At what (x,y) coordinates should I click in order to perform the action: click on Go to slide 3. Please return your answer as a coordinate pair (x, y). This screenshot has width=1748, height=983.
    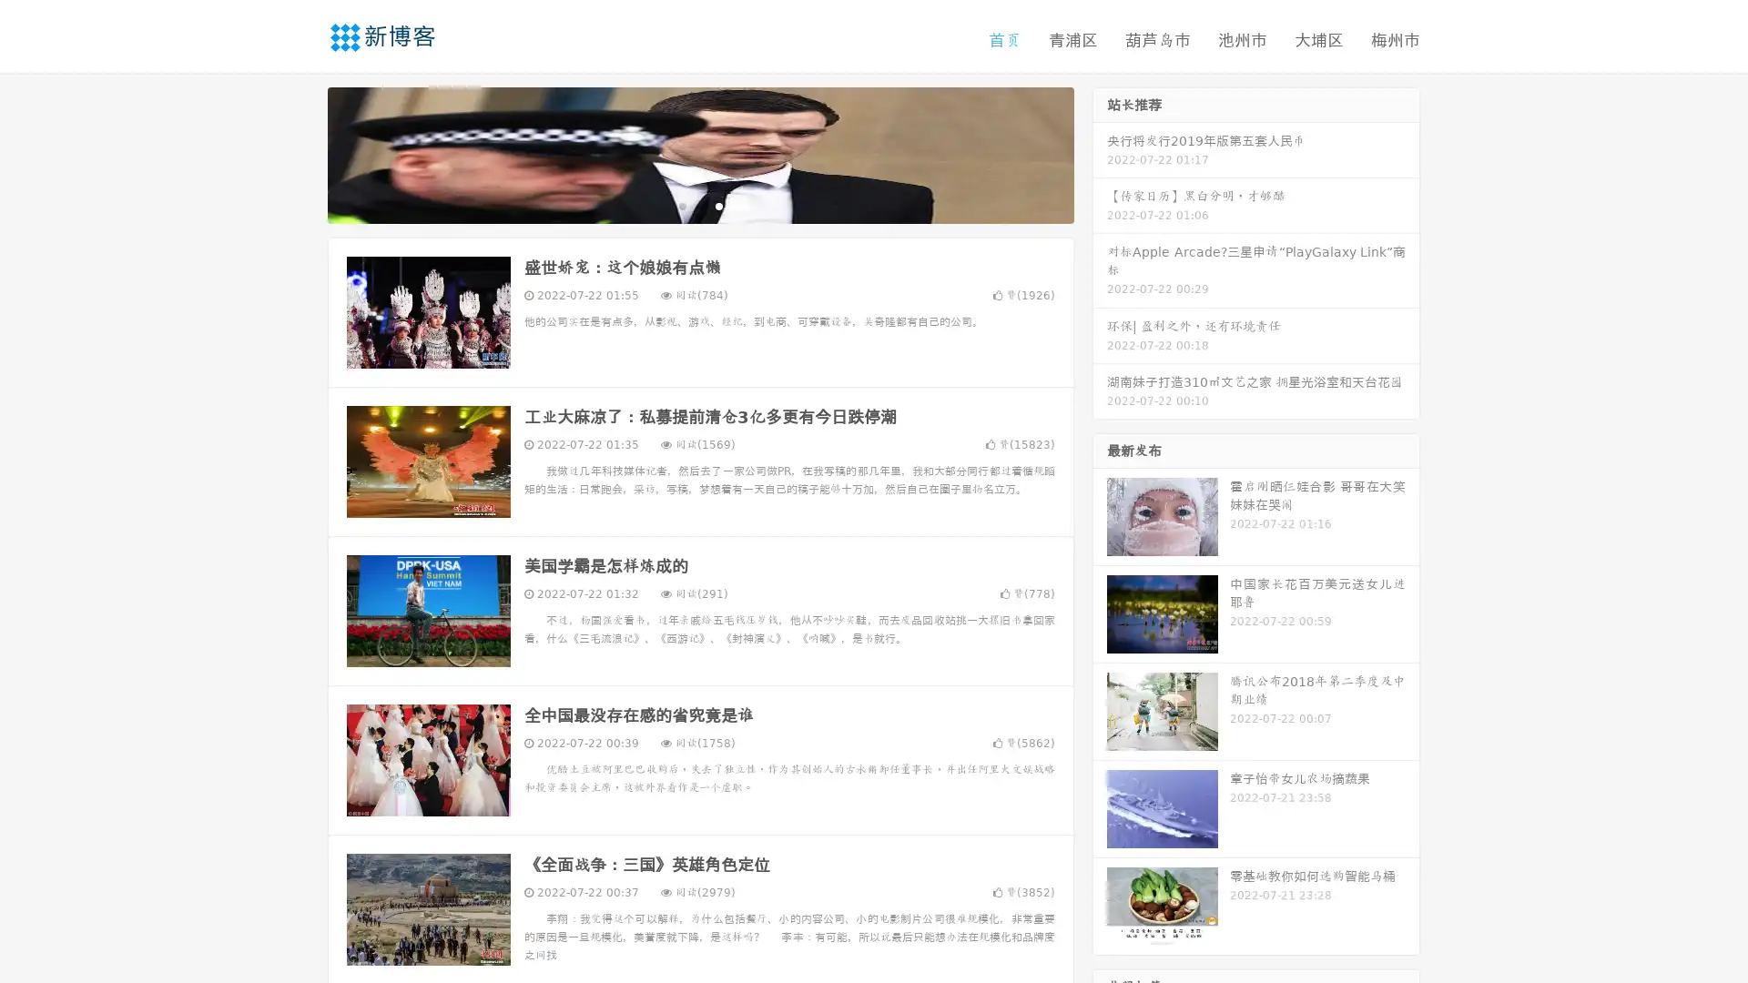
    Looking at the image, I should click on (718, 205).